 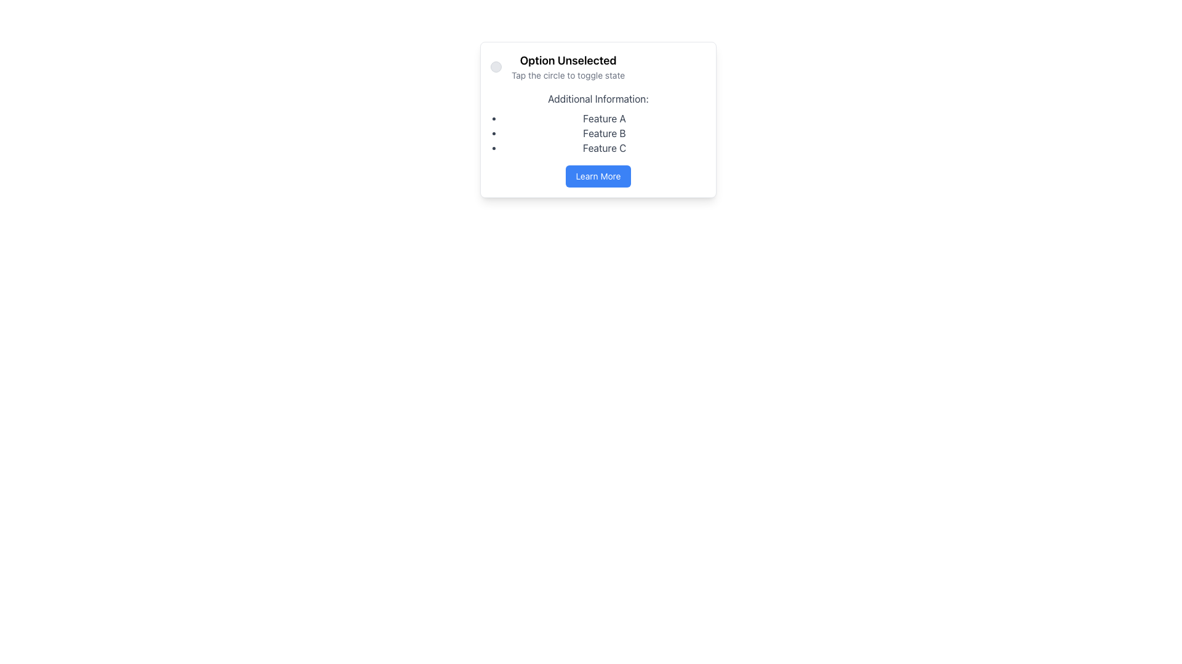 I want to click on the text display that indicates 'Option Unselected' and 'Tap the circle to toggle state', located in the upper half of the card interface, centered horizontally and positioned next to an interactive toggle circle, so click(x=568, y=66).